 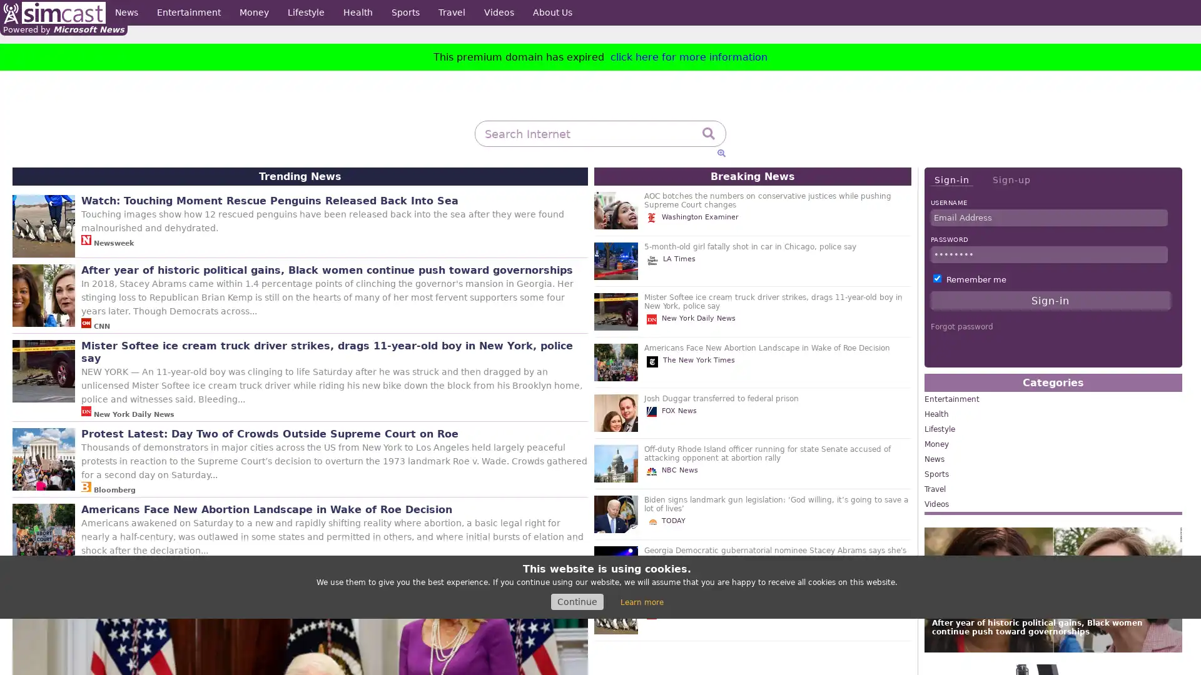 What do you see at coordinates (1011, 180) in the screenshot?
I see `Sign-up` at bounding box center [1011, 180].